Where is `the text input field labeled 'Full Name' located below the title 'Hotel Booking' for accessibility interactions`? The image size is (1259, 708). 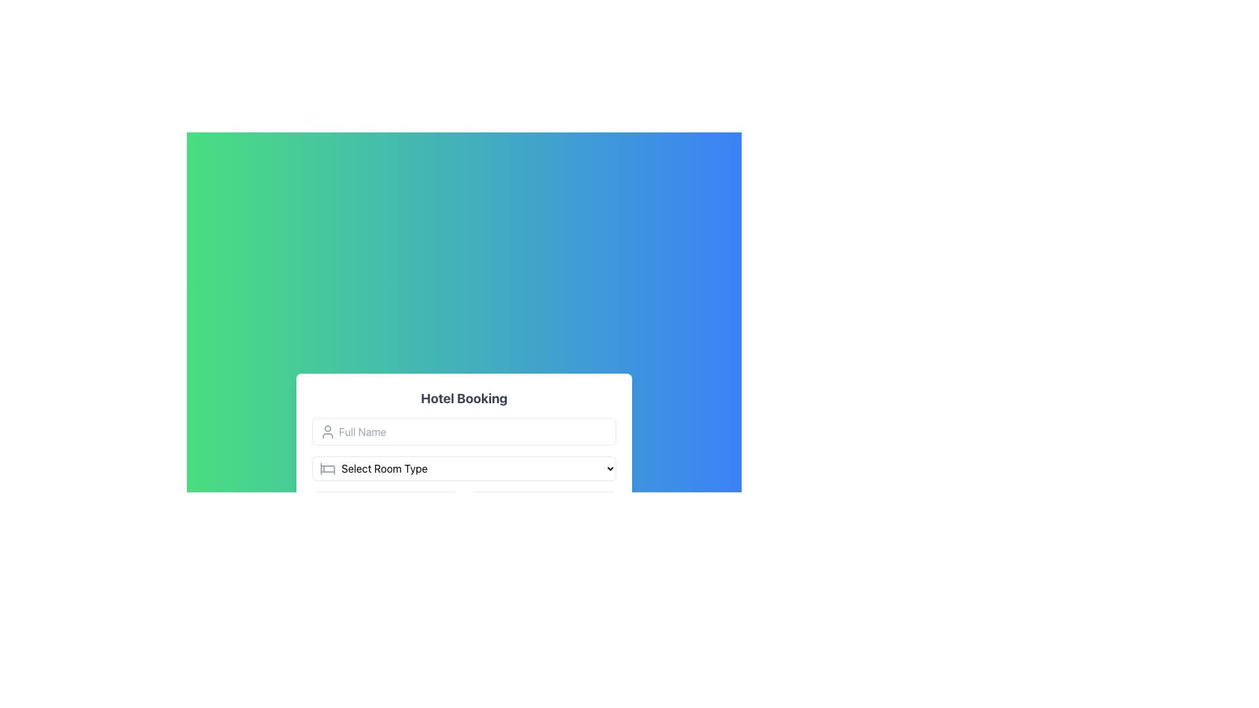
the text input field labeled 'Full Name' located below the title 'Hotel Booking' for accessibility interactions is located at coordinates (464, 432).